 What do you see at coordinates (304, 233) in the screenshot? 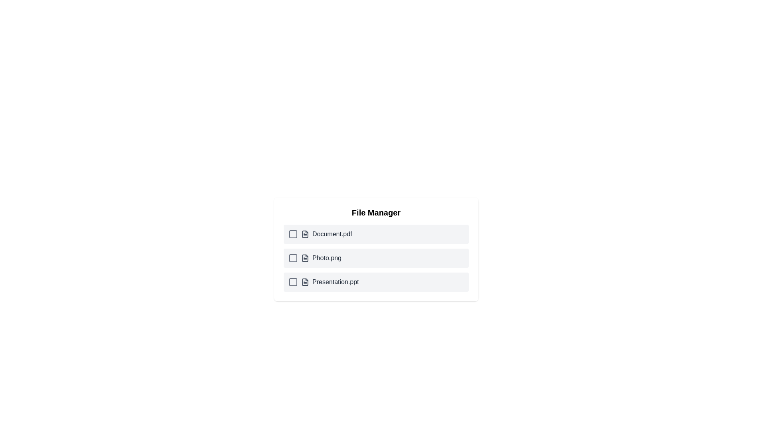
I see `the file icon graphic located in the upper left corner of the file list interface, which visually represents a file or document` at bounding box center [304, 233].